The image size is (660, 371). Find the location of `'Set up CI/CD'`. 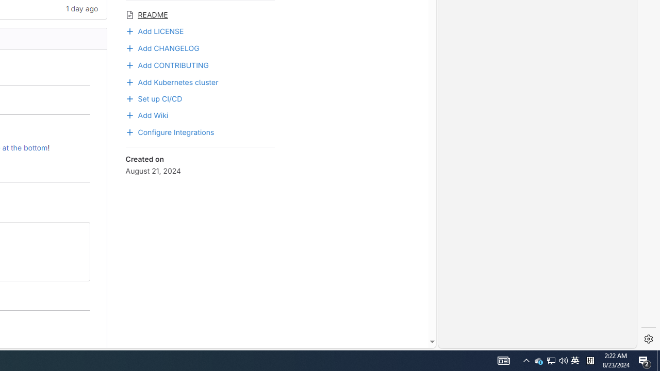

'Set up CI/CD' is located at coordinates (200, 97).